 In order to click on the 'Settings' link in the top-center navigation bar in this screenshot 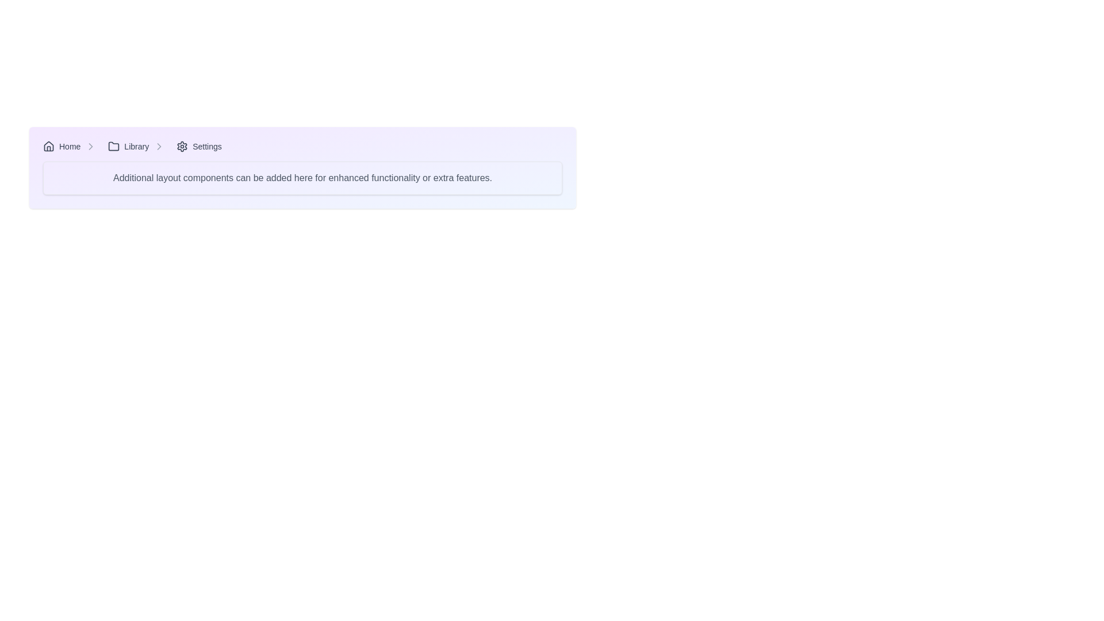, I will do `click(199, 145)`.